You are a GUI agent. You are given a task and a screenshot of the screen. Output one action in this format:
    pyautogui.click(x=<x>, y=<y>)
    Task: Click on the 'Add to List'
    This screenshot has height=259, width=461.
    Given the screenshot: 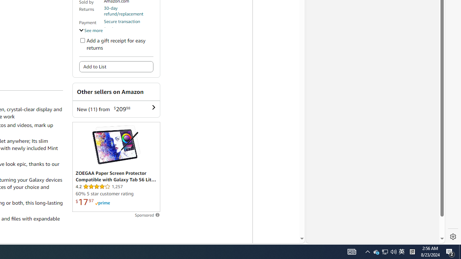 What is the action you would take?
    pyautogui.click(x=116, y=67)
    